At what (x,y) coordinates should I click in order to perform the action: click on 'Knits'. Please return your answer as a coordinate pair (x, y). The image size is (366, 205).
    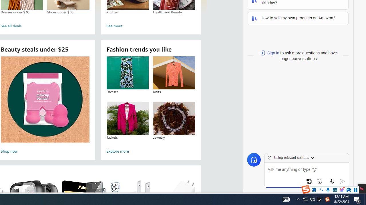
    Looking at the image, I should click on (174, 73).